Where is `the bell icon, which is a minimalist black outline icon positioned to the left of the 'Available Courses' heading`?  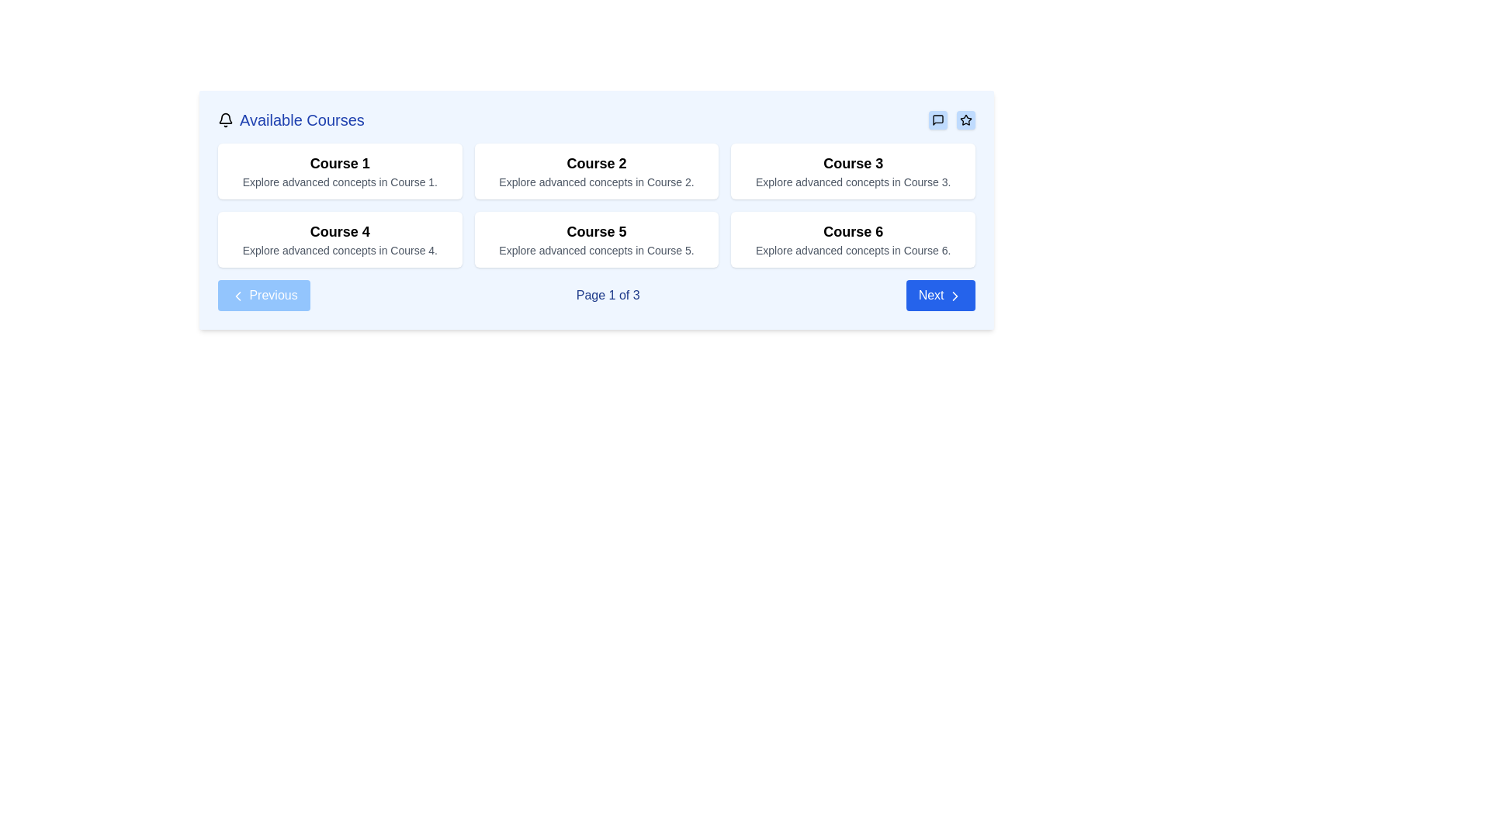
the bell icon, which is a minimalist black outline icon positioned to the left of the 'Available Courses' heading is located at coordinates (225, 119).